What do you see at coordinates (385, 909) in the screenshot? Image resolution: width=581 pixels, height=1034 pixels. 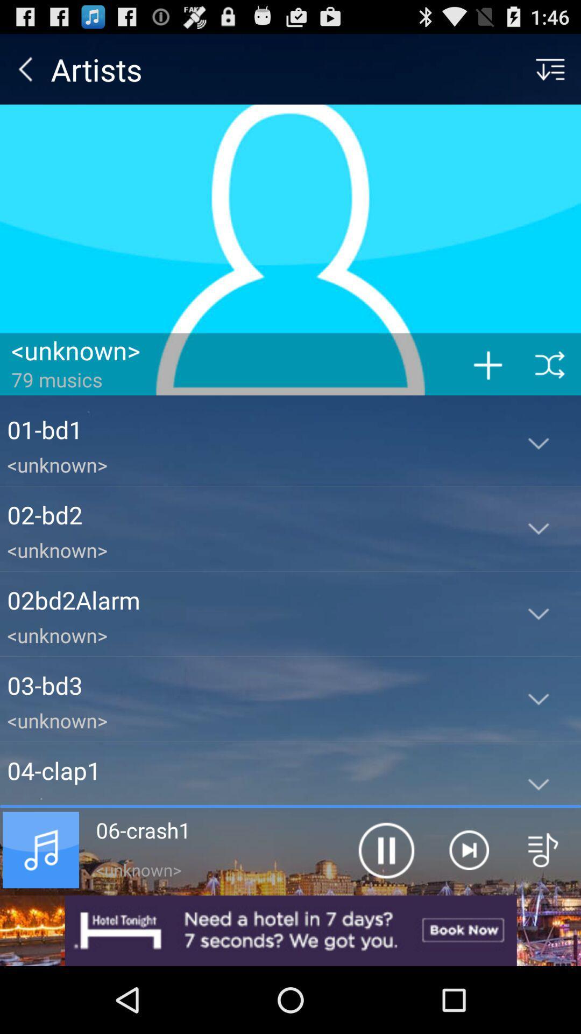 I see `the pause icon` at bounding box center [385, 909].